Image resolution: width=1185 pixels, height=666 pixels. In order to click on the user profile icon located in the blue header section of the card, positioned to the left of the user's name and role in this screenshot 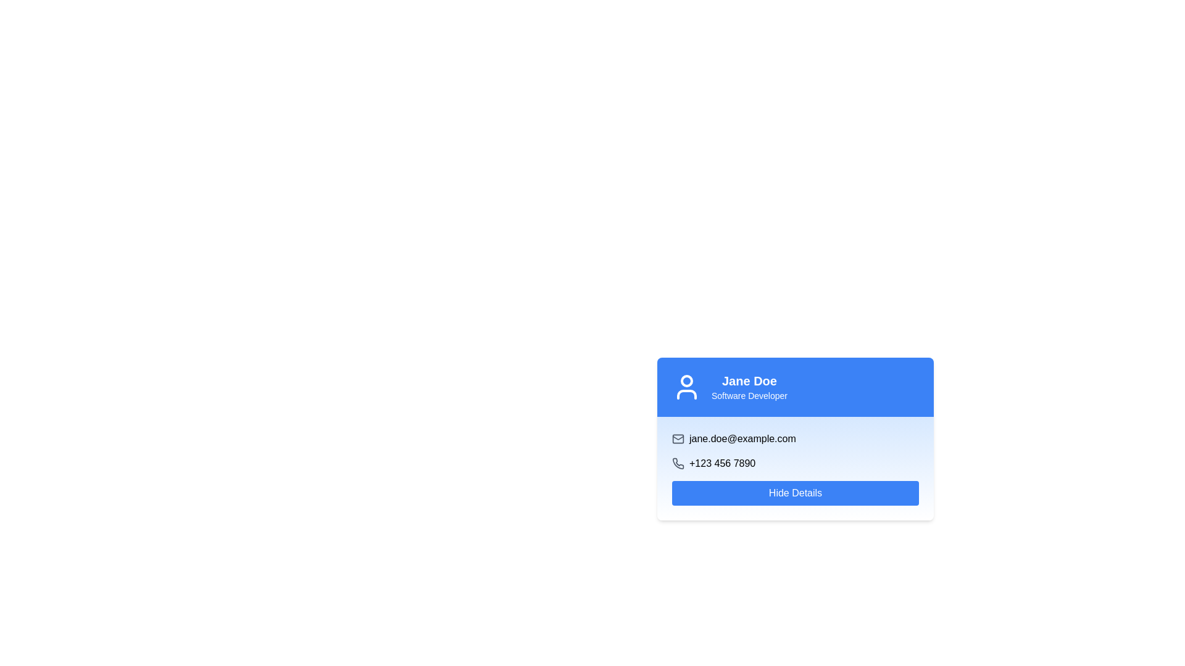, I will do `click(686, 387)`.